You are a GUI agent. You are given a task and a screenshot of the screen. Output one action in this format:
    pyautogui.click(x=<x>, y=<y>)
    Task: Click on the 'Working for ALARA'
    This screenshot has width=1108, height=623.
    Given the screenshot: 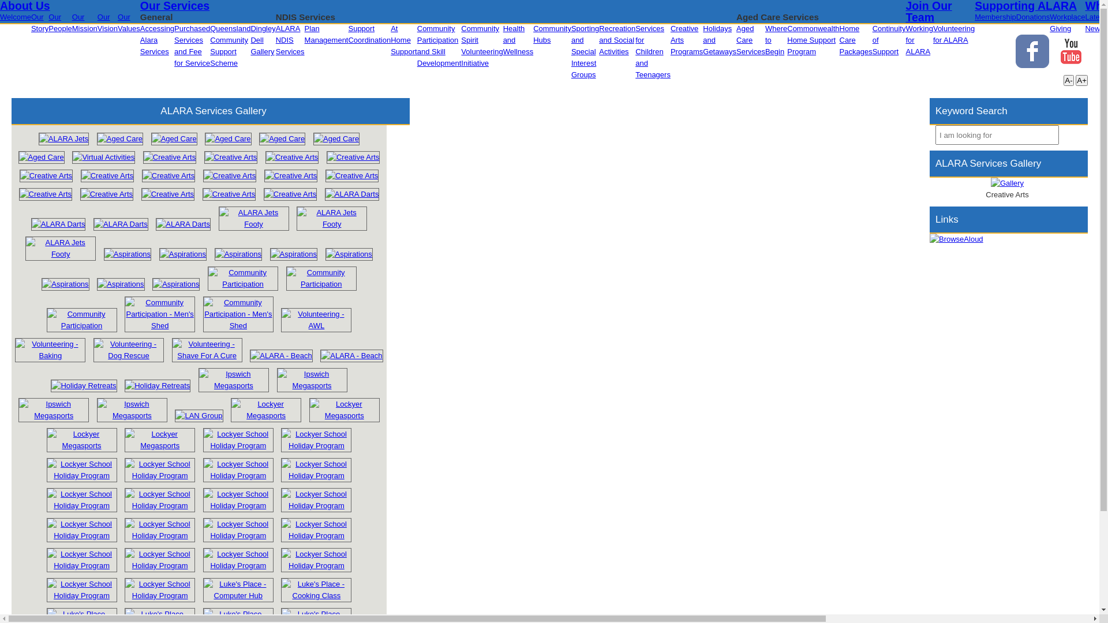 What is the action you would take?
    pyautogui.click(x=918, y=39)
    